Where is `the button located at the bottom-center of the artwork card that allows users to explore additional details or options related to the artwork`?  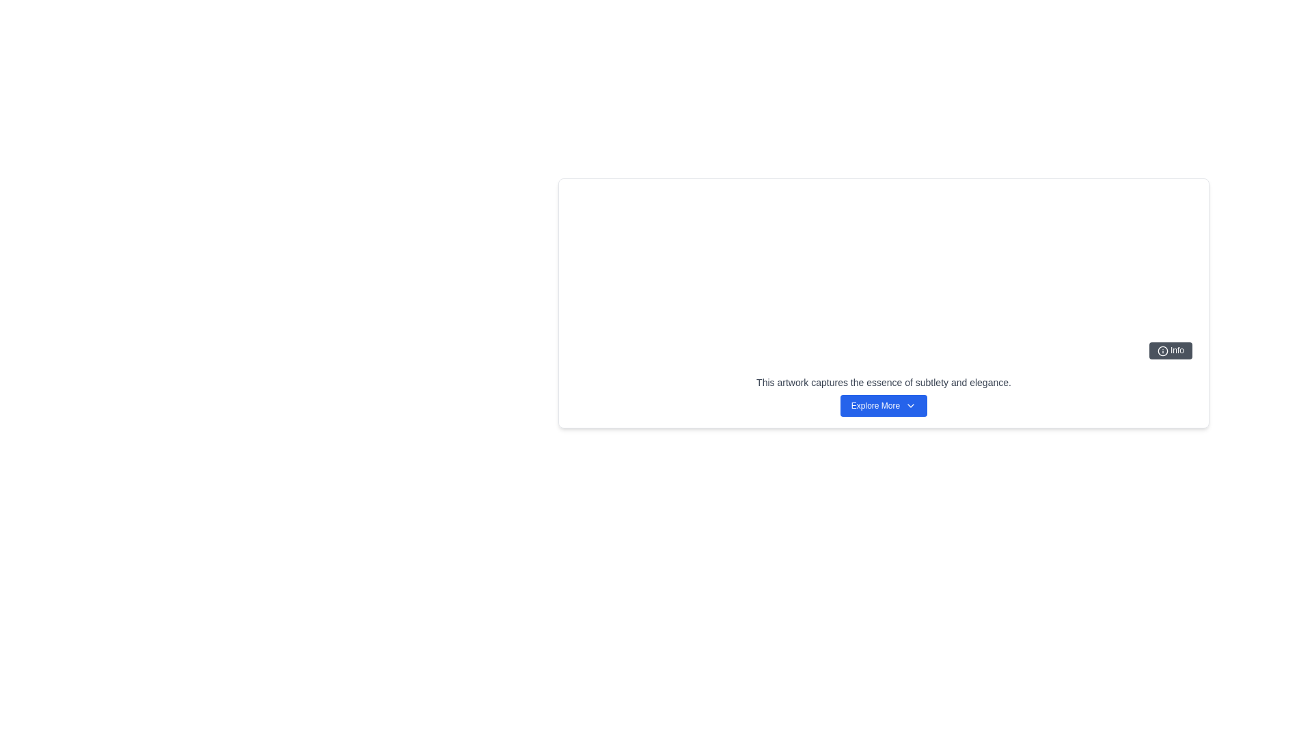 the button located at the bottom-center of the artwork card that allows users to explore additional details or options related to the artwork is located at coordinates (884, 405).